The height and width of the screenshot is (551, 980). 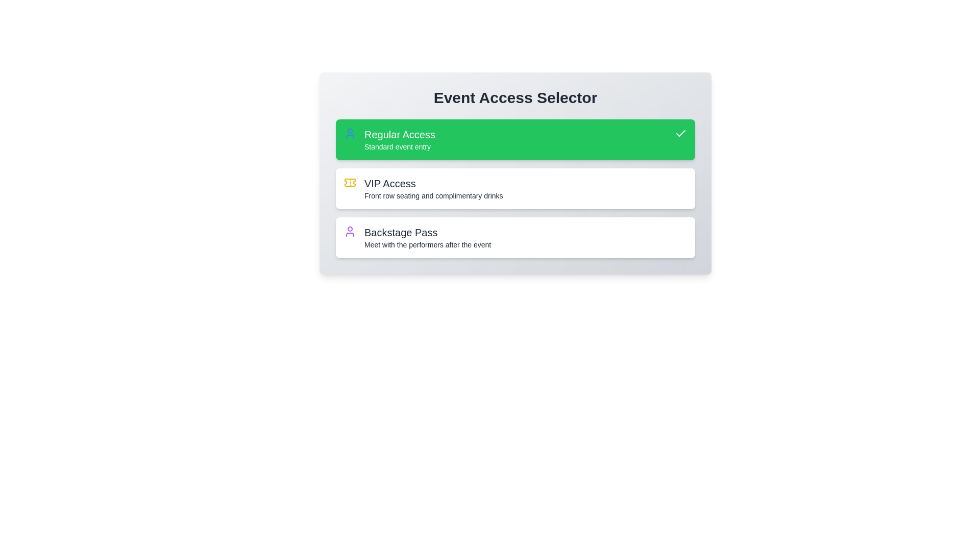 I want to click on the stylized user icon in the 'Backstage Pass' card, which features a circular head and an arched body outline in purple color, so click(x=350, y=238).